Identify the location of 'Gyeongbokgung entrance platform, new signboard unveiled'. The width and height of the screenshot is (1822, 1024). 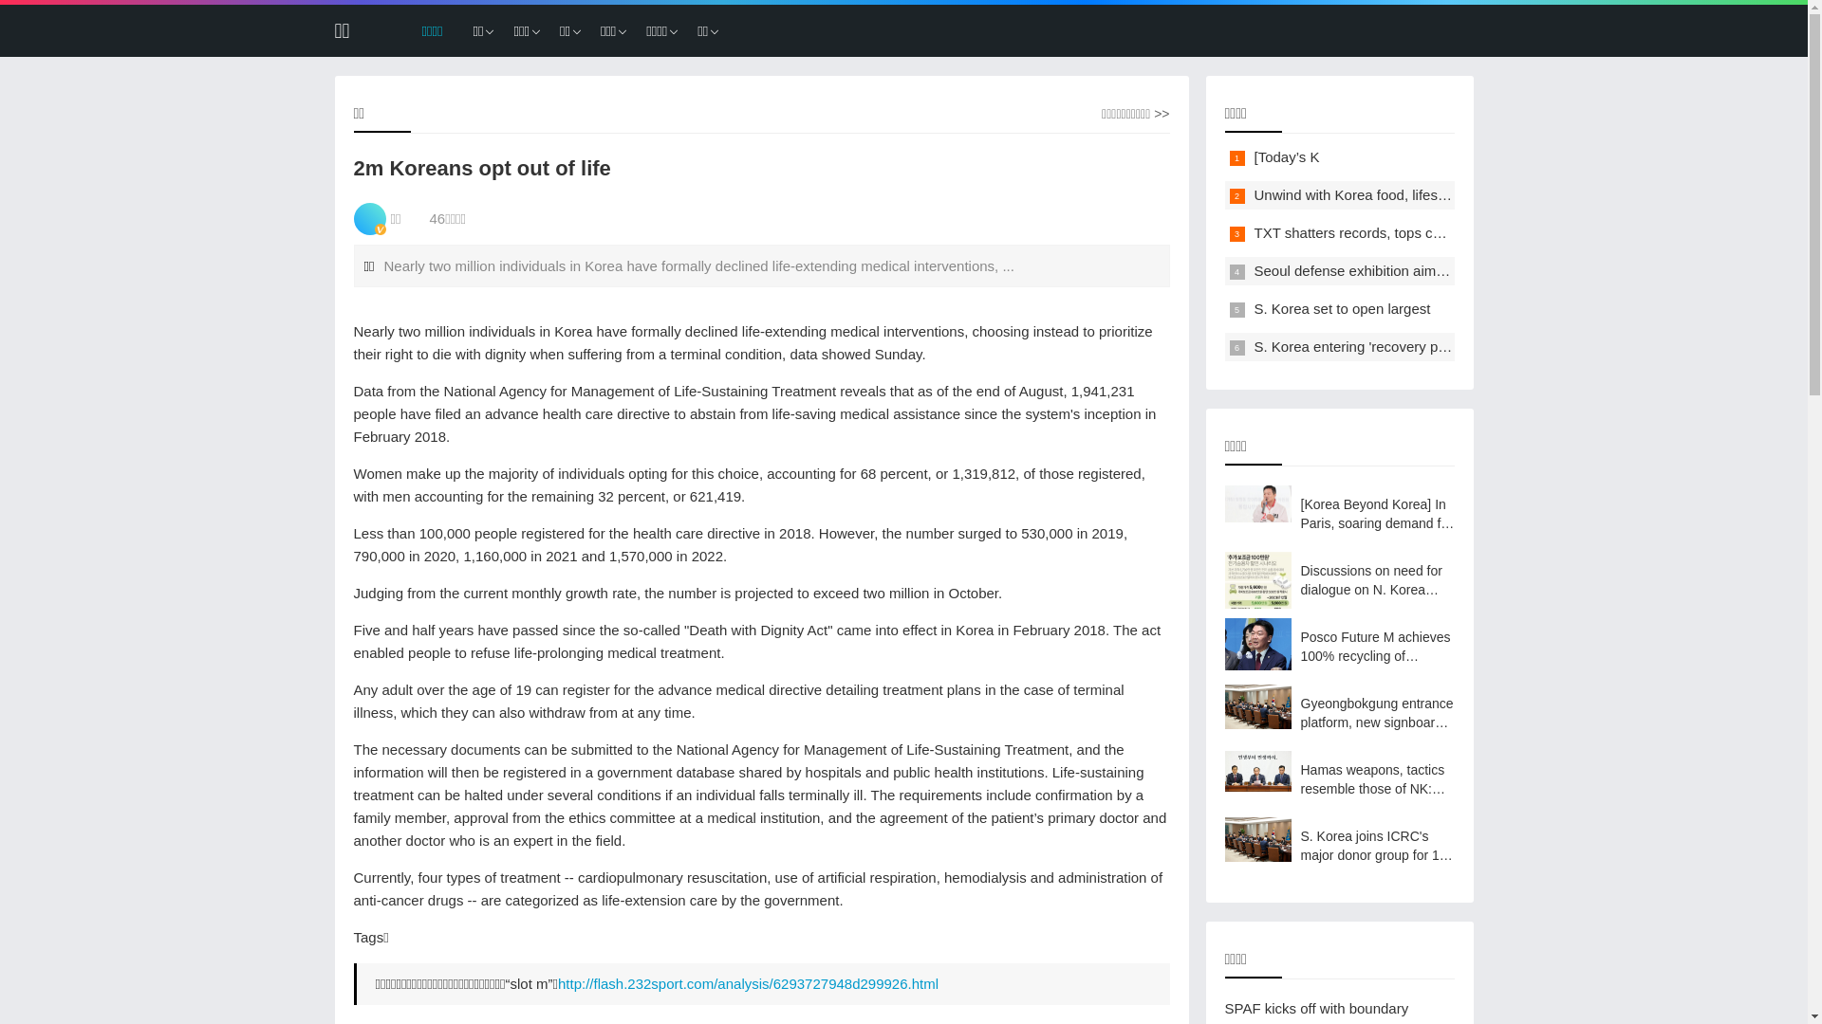
(1338, 713).